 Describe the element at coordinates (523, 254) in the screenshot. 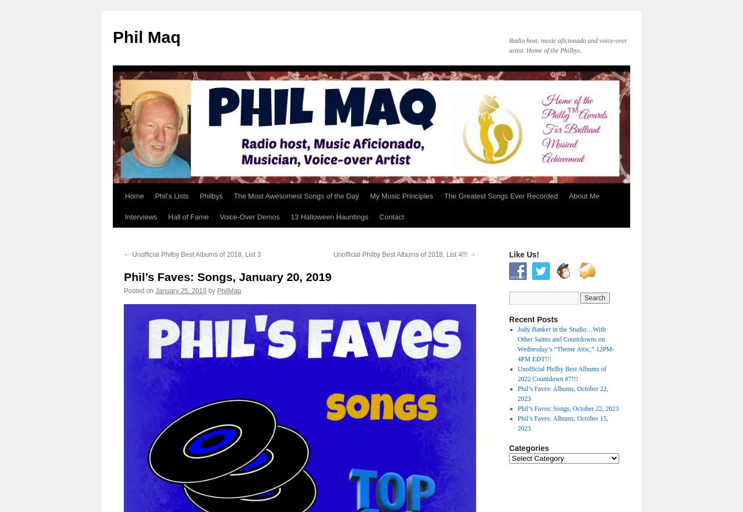

I see `'Like Us!'` at that location.